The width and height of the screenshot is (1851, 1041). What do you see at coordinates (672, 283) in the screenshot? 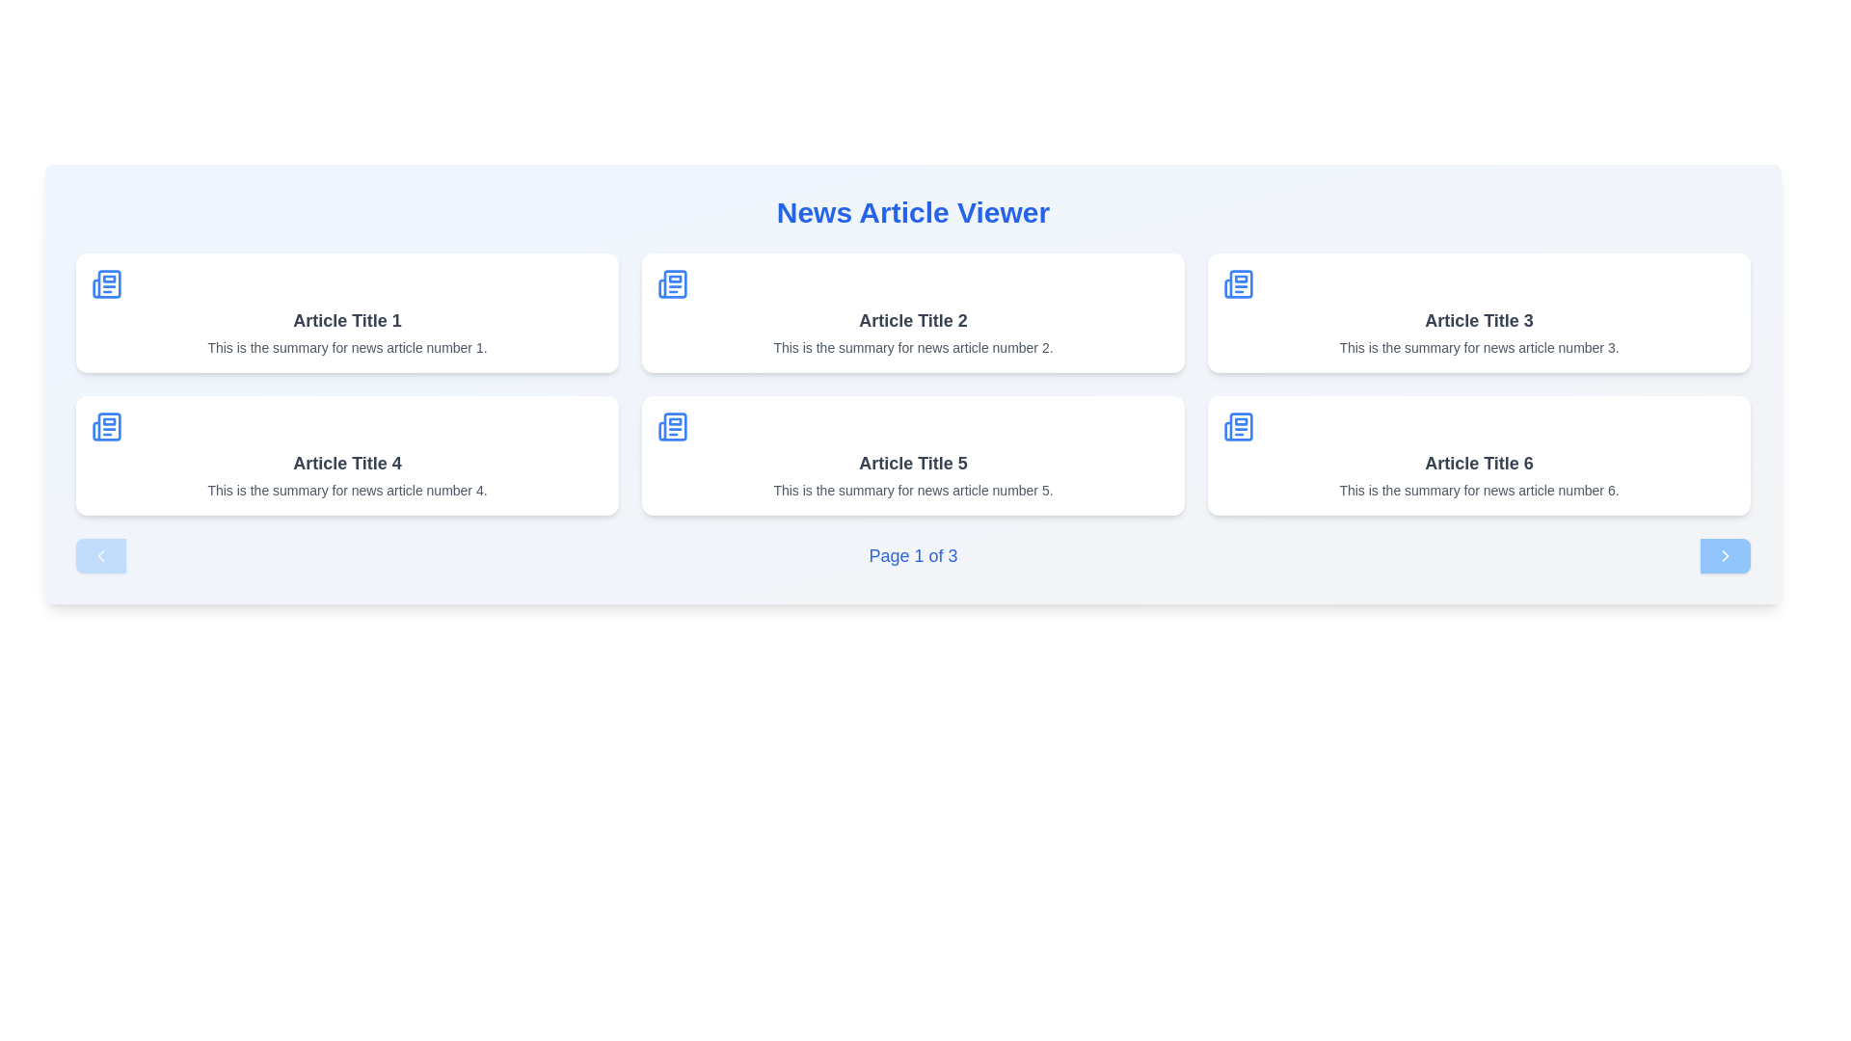
I see `the blue newspaper icon with rounded corners located in the card titled 'Article Title 2', positioned at the top-left corner above the article title text` at bounding box center [672, 283].